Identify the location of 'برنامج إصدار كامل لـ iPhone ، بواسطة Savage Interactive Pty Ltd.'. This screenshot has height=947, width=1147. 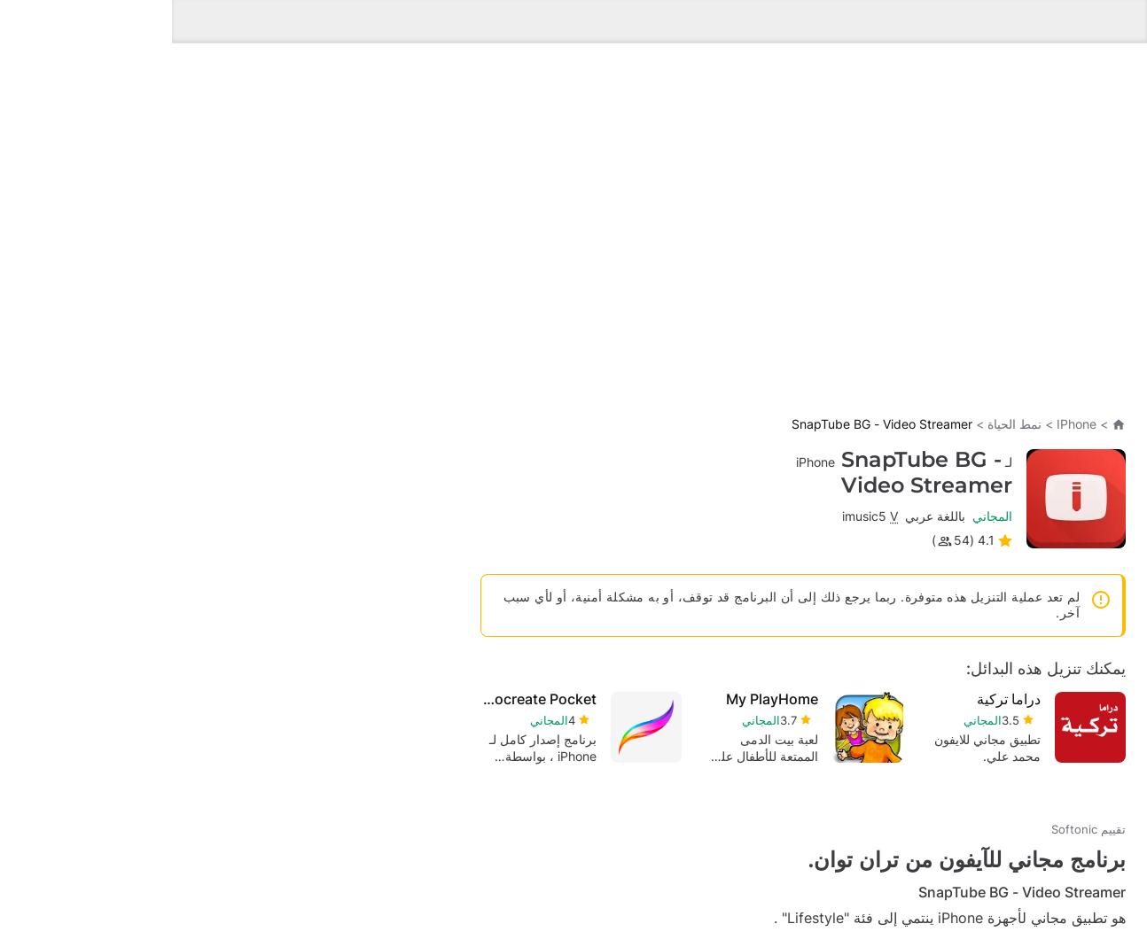
(686, 562).